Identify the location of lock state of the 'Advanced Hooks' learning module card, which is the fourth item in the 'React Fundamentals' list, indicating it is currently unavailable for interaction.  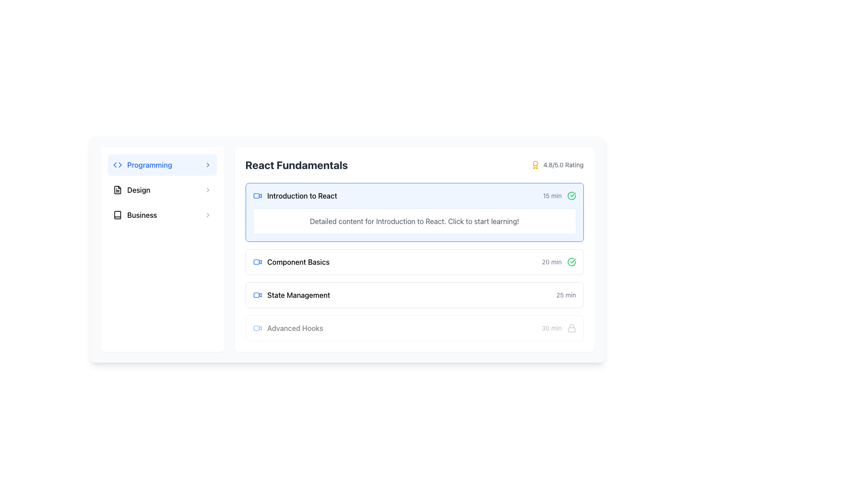
(414, 328).